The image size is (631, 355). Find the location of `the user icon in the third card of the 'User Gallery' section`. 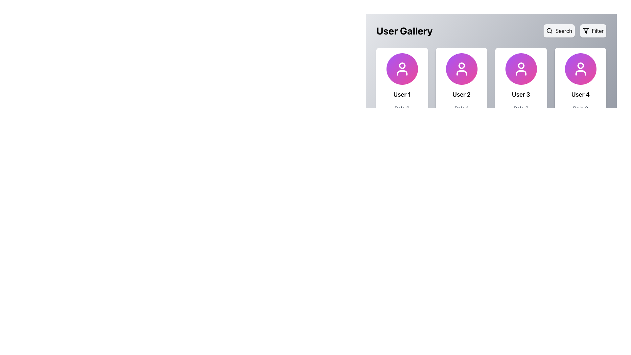

the user icon in the third card of the 'User Gallery' section is located at coordinates (521, 69).